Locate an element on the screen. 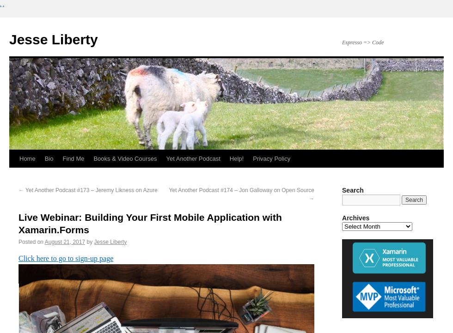 The height and width of the screenshot is (333, 453). 'Posted on' is located at coordinates (18, 242).